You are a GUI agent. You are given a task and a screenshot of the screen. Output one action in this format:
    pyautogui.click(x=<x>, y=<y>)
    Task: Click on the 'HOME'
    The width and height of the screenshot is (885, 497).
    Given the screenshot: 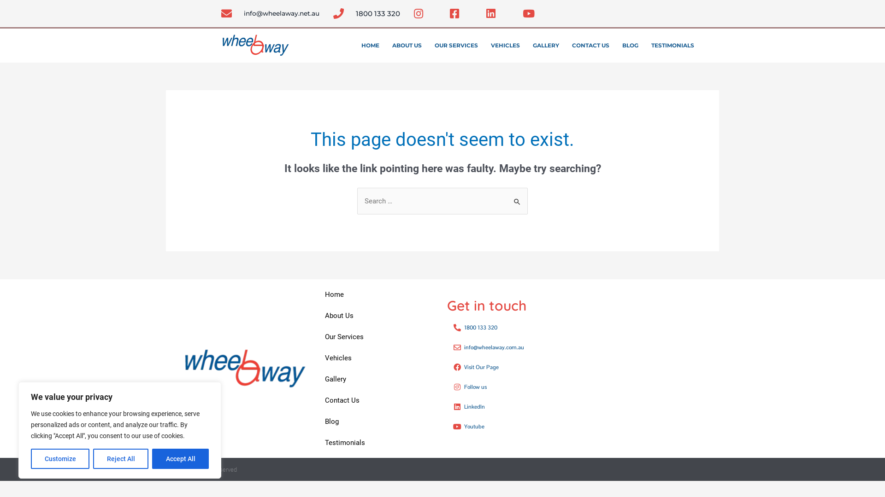 What is the action you would take?
    pyautogui.click(x=370, y=46)
    